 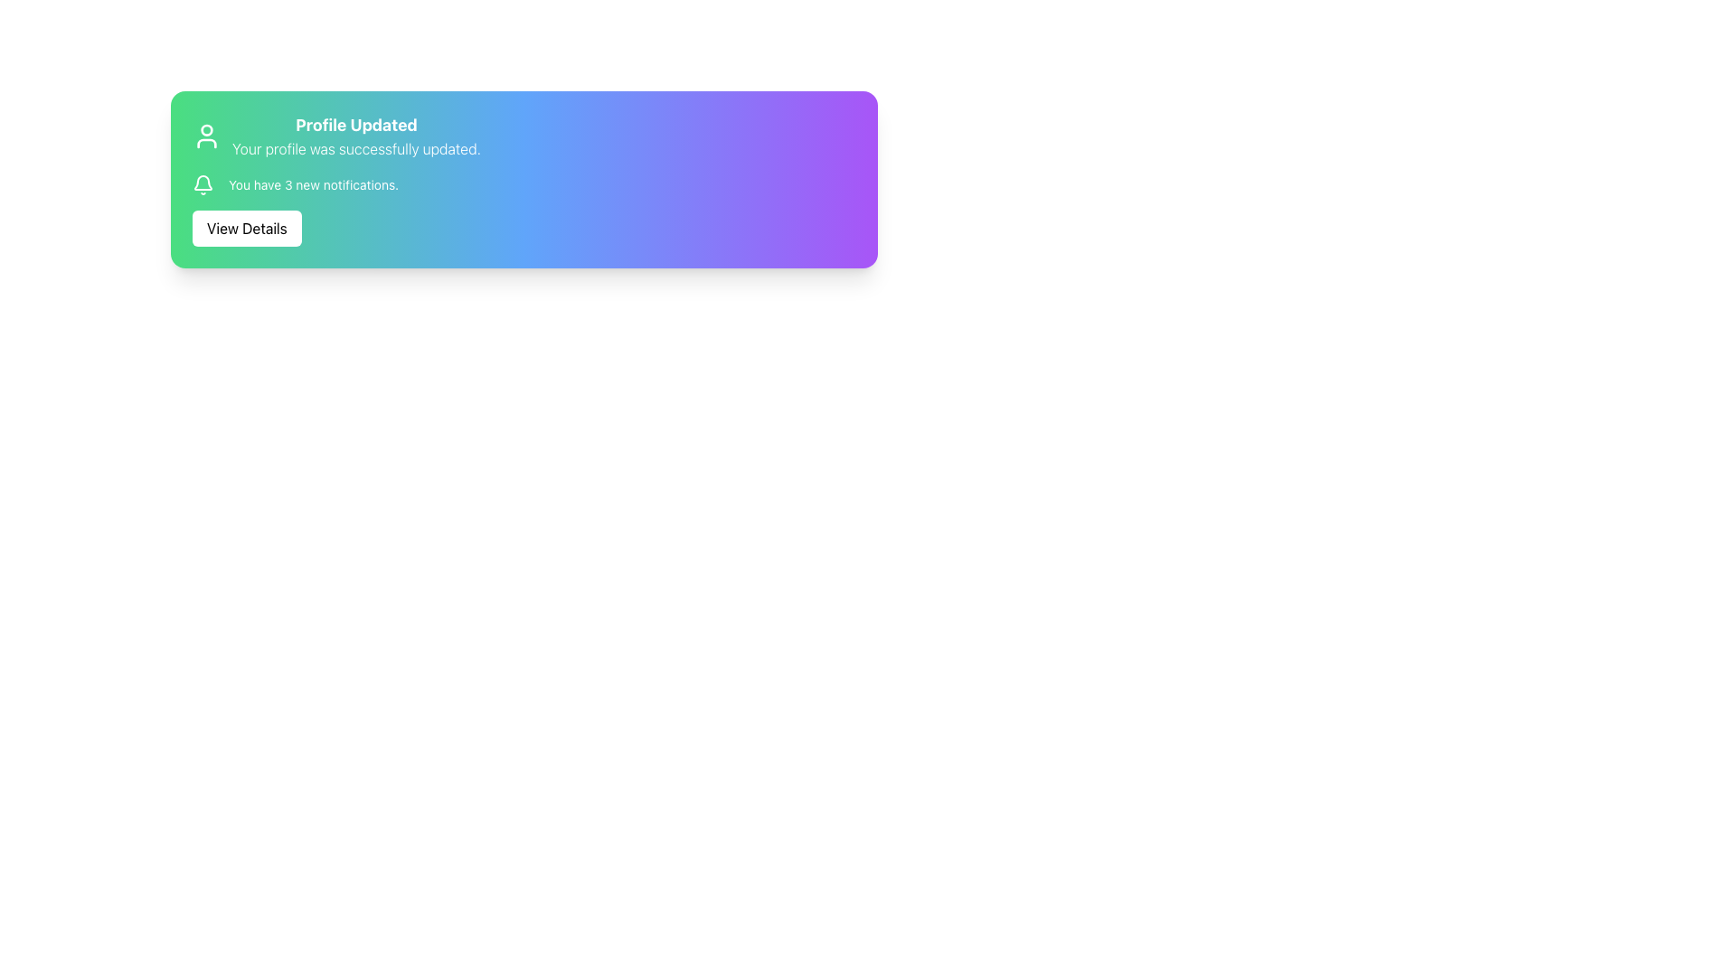 What do you see at coordinates (356, 148) in the screenshot?
I see `the confirmation message that informs the user about the successful update of their profile, located below the 'Profile Updated' header` at bounding box center [356, 148].